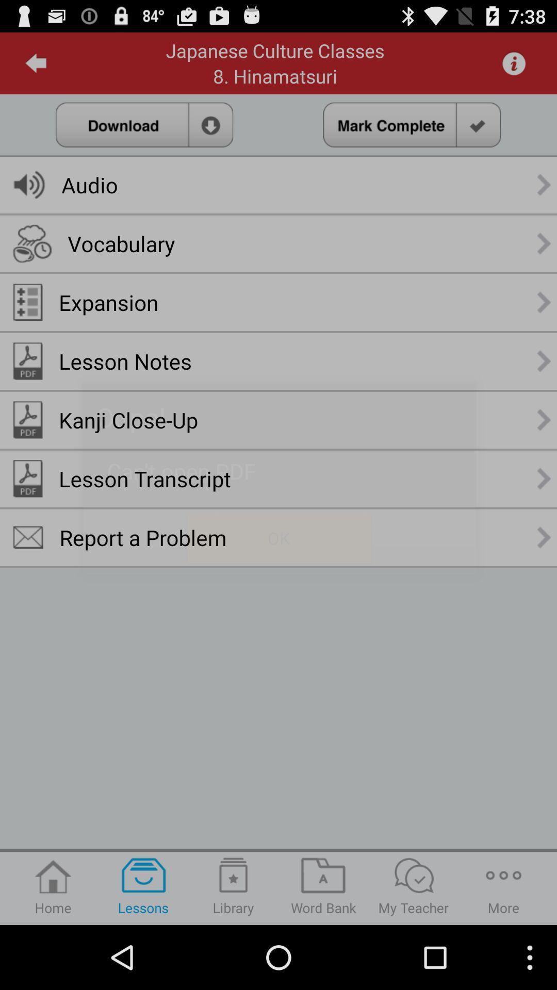  What do you see at coordinates (36, 63) in the screenshot?
I see `the icon to the left of the japanese culture classes` at bounding box center [36, 63].